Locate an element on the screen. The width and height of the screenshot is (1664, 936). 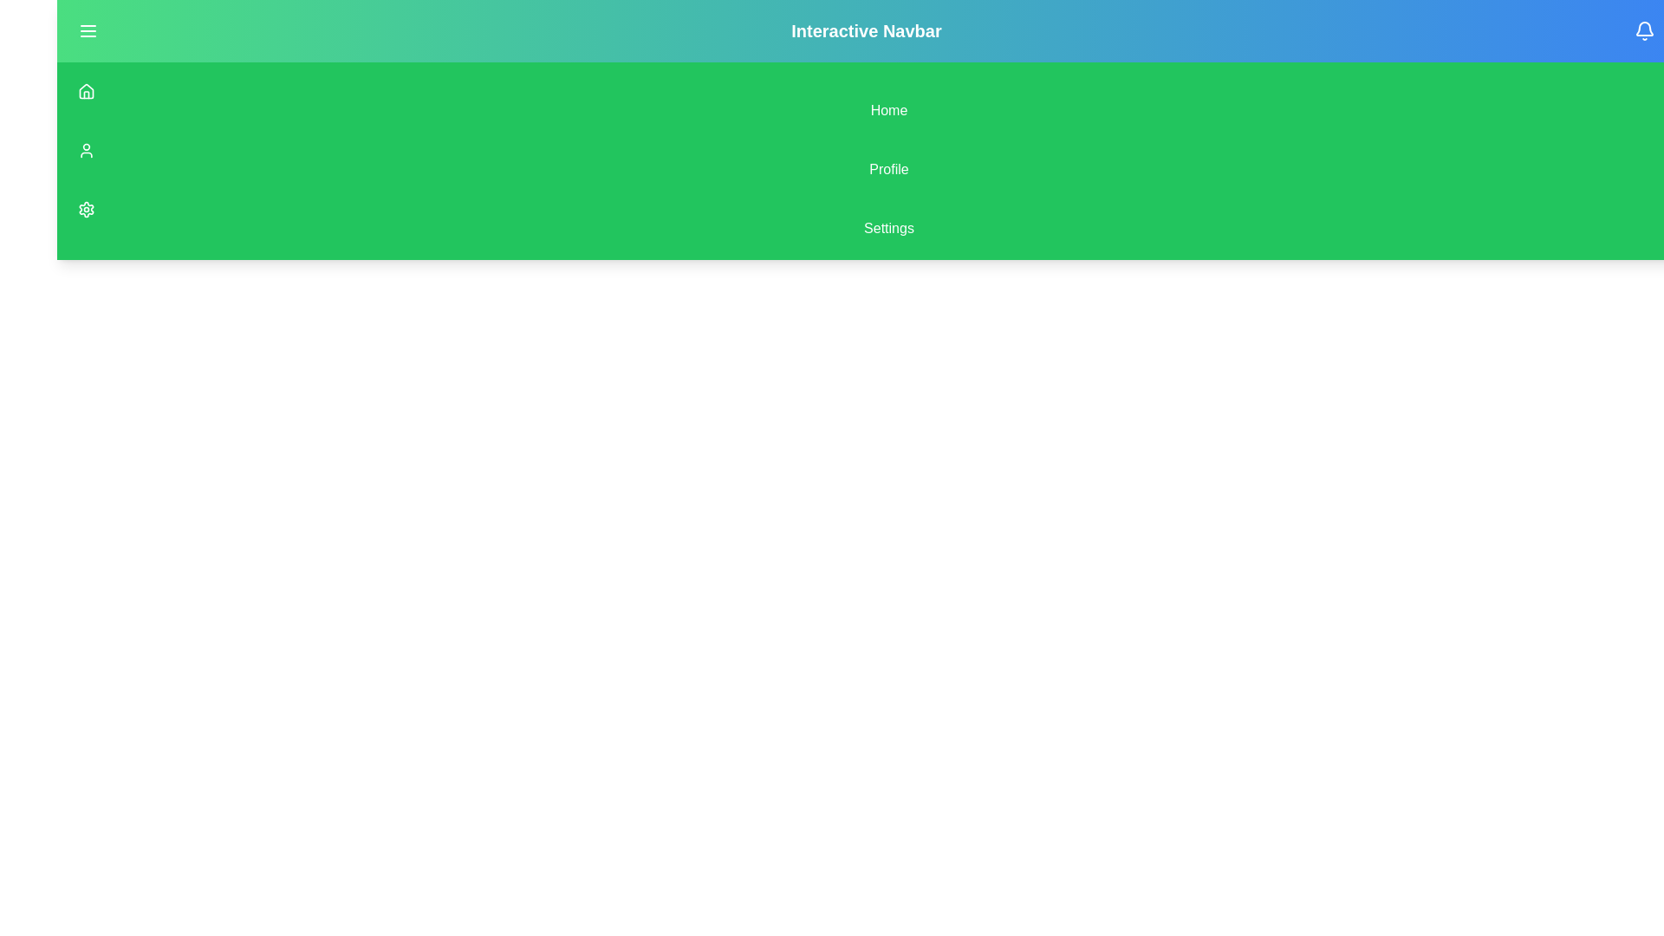
the settings gear icon button with a green background and white stroke, located in the vertically aligned navigation menu is located at coordinates (86, 209).